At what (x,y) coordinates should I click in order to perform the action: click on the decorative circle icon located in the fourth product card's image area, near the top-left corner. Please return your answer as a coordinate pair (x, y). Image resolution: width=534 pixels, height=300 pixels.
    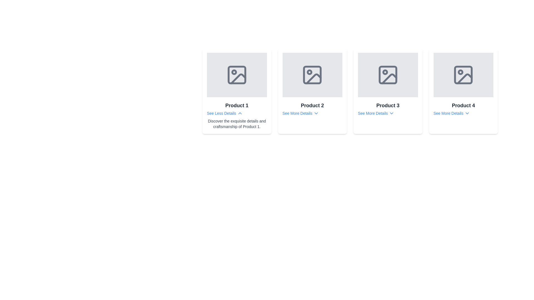
    Looking at the image, I should click on (461, 72).